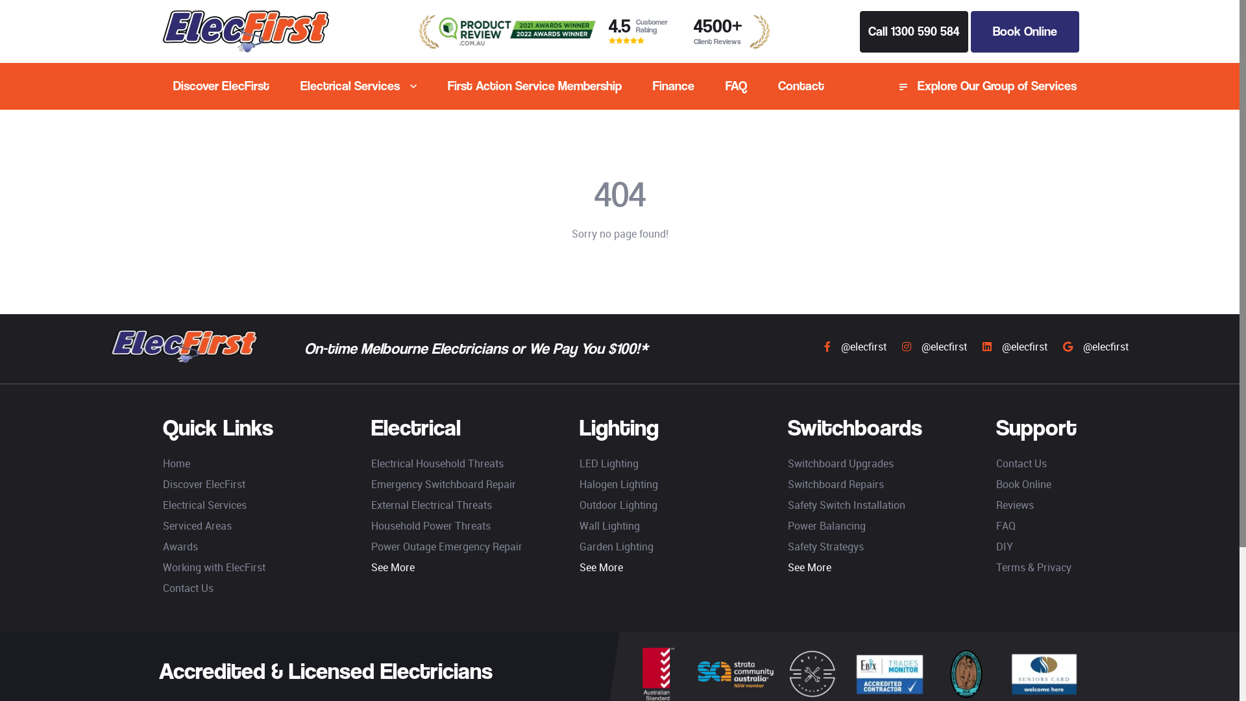 The width and height of the screenshot is (1246, 701). Describe the element at coordinates (392, 567) in the screenshot. I see `'See More'` at that location.